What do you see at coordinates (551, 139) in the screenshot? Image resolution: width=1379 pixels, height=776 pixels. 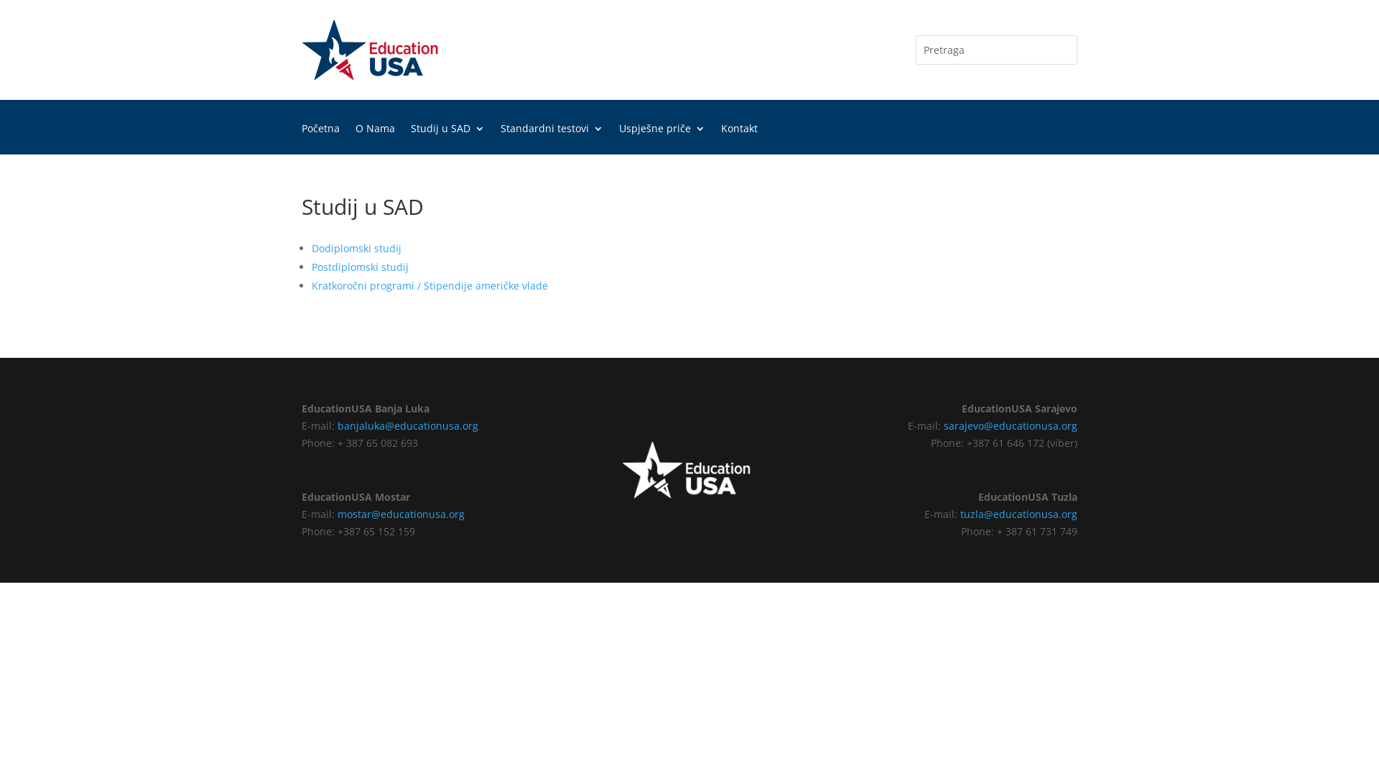 I see `'Standardni testovi'` at bounding box center [551, 139].